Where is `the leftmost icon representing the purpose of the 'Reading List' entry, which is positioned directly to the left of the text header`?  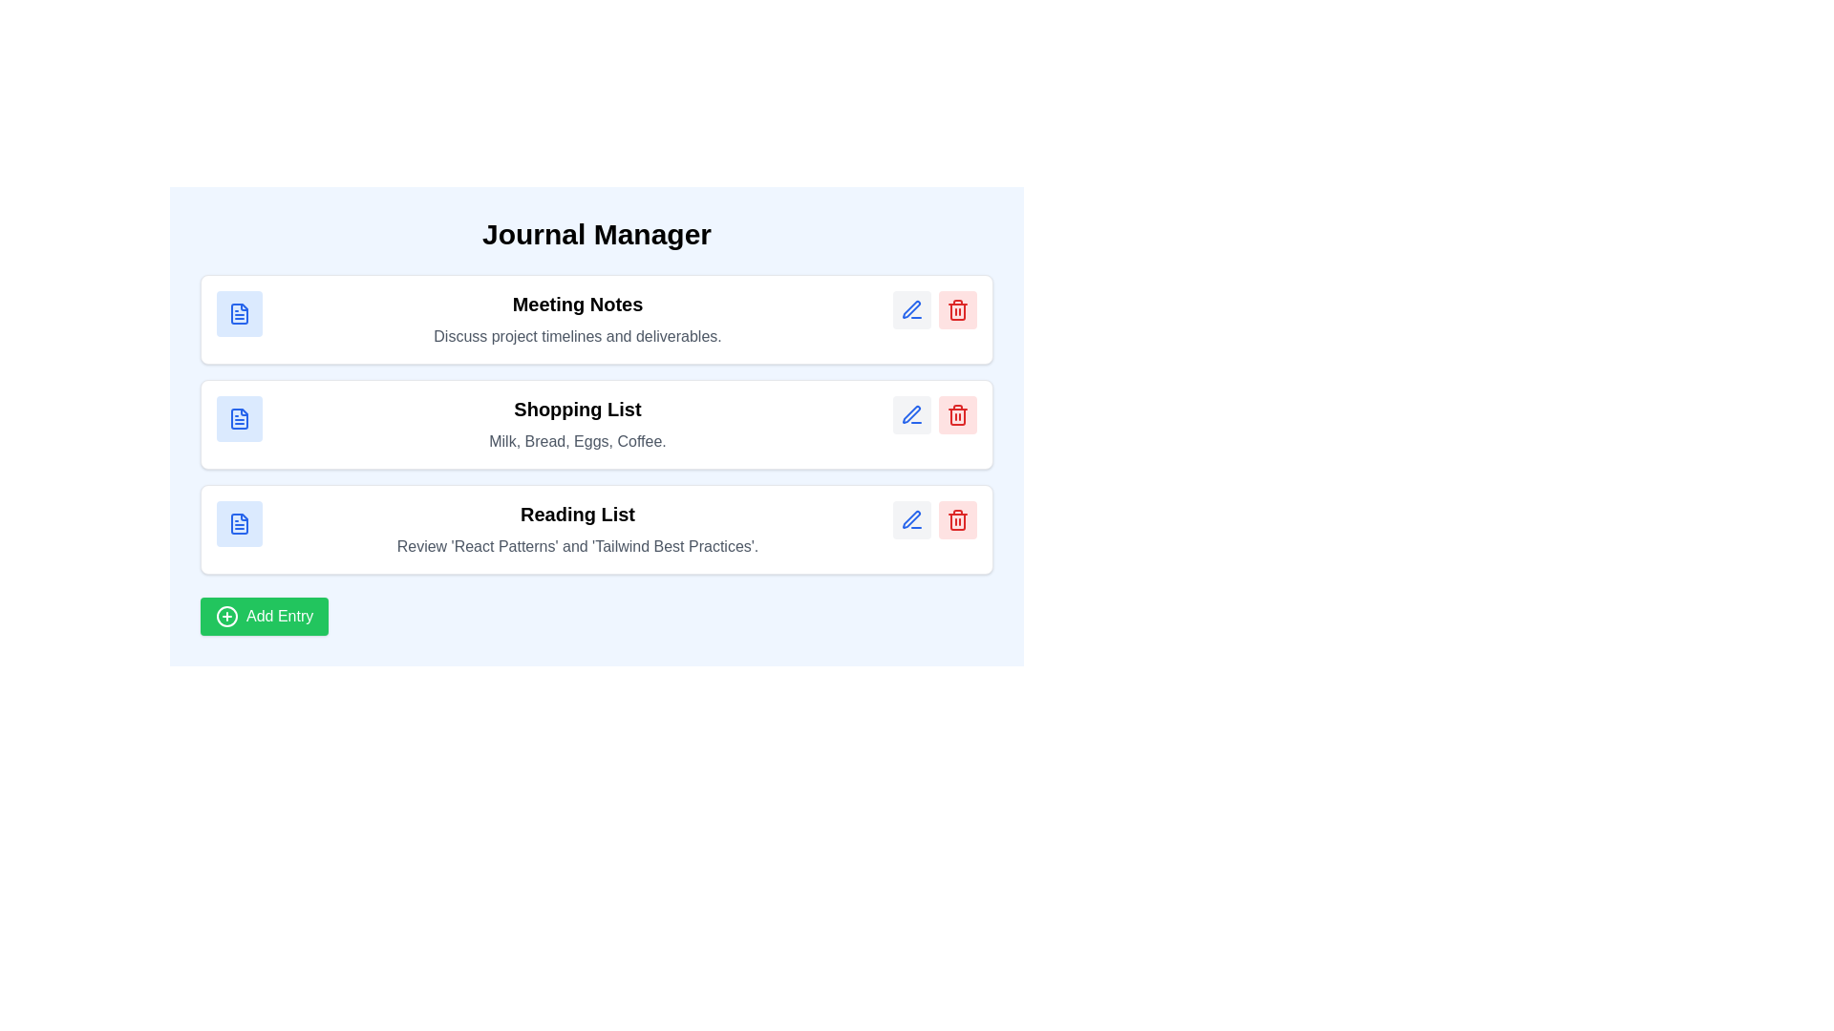 the leftmost icon representing the purpose of the 'Reading List' entry, which is positioned directly to the left of the text header is located at coordinates (238, 523).